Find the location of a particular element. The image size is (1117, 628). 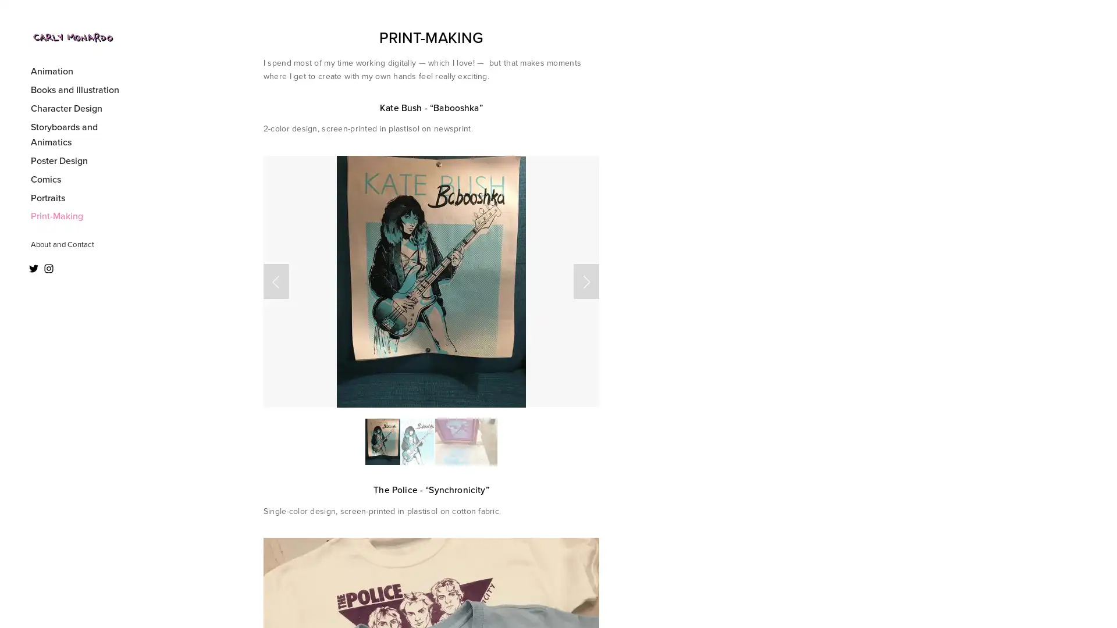

Slide 2 is located at coordinates (417, 441).